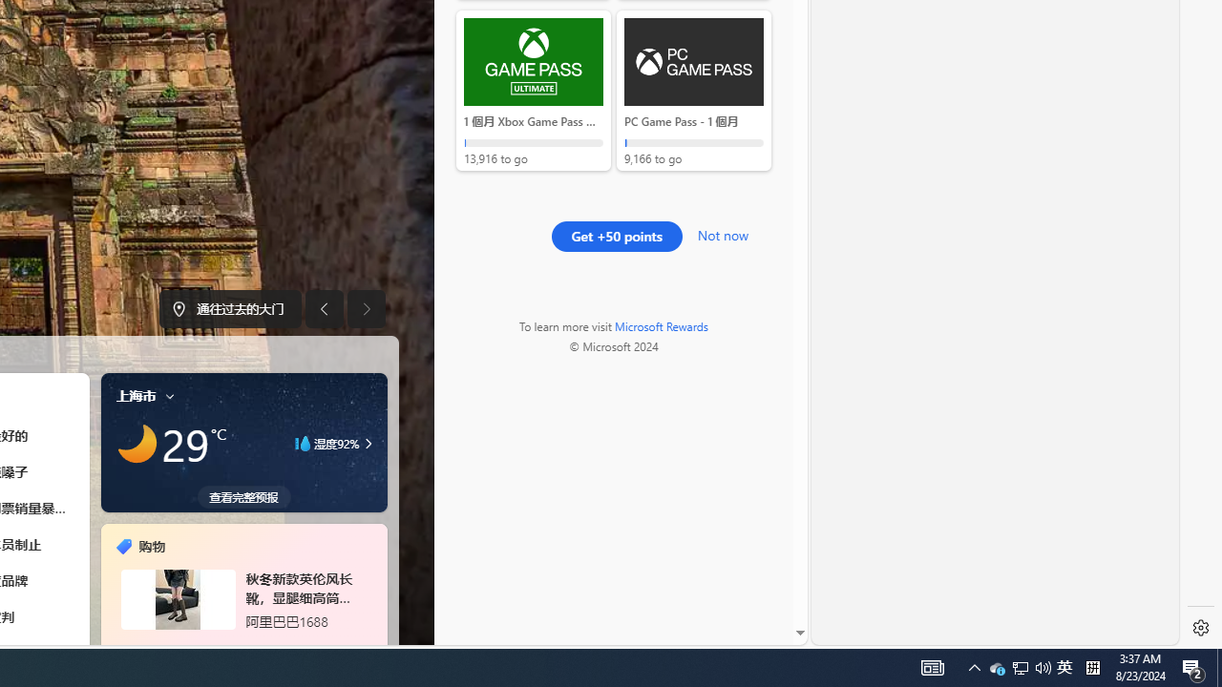 Image resolution: width=1222 pixels, height=687 pixels. What do you see at coordinates (617, 236) in the screenshot?
I see `'Get +50 points'` at bounding box center [617, 236].